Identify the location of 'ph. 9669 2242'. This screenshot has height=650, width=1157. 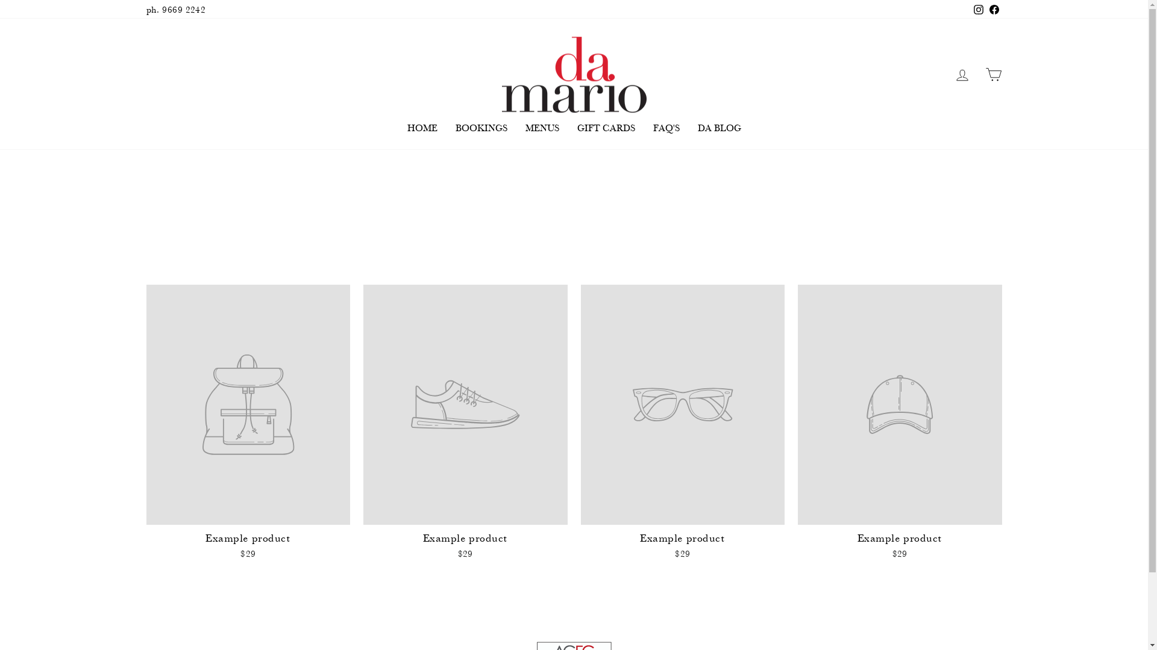
(175, 9).